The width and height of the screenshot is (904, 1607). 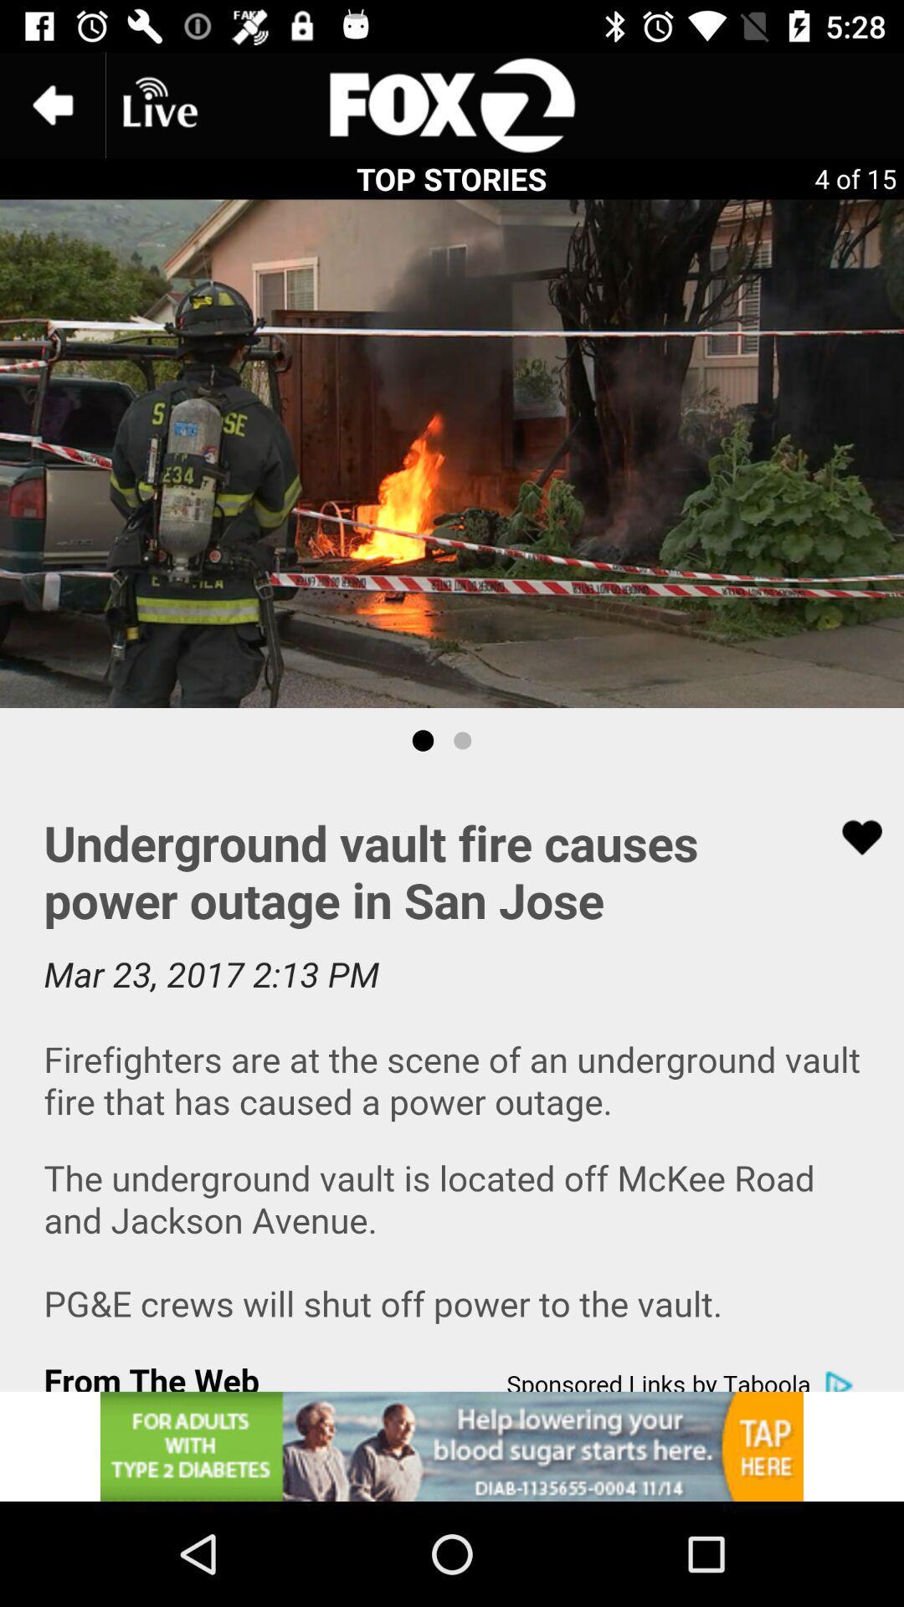 What do you see at coordinates (452, 1445) in the screenshot?
I see `the option` at bounding box center [452, 1445].